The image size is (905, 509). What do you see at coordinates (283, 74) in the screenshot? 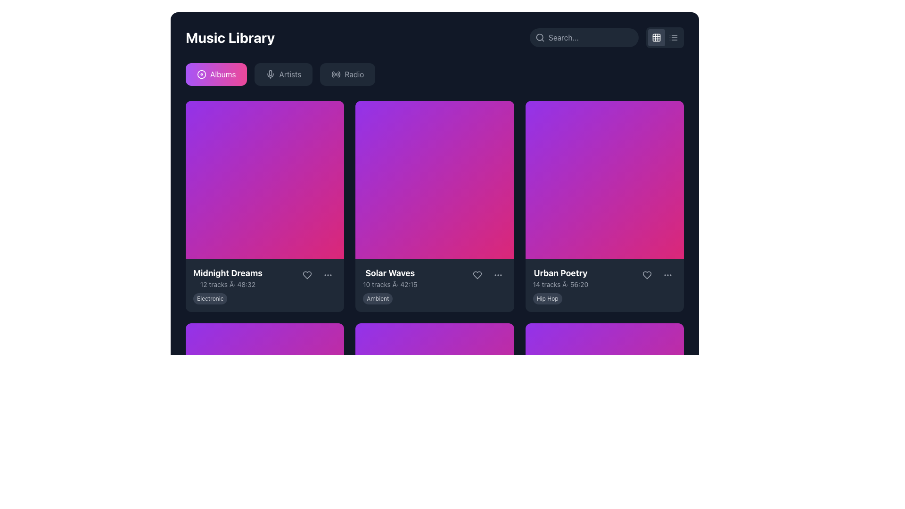
I see `the 'Artists' button in the navigation bar to change its text color to white` at bounding box center [283, 74].